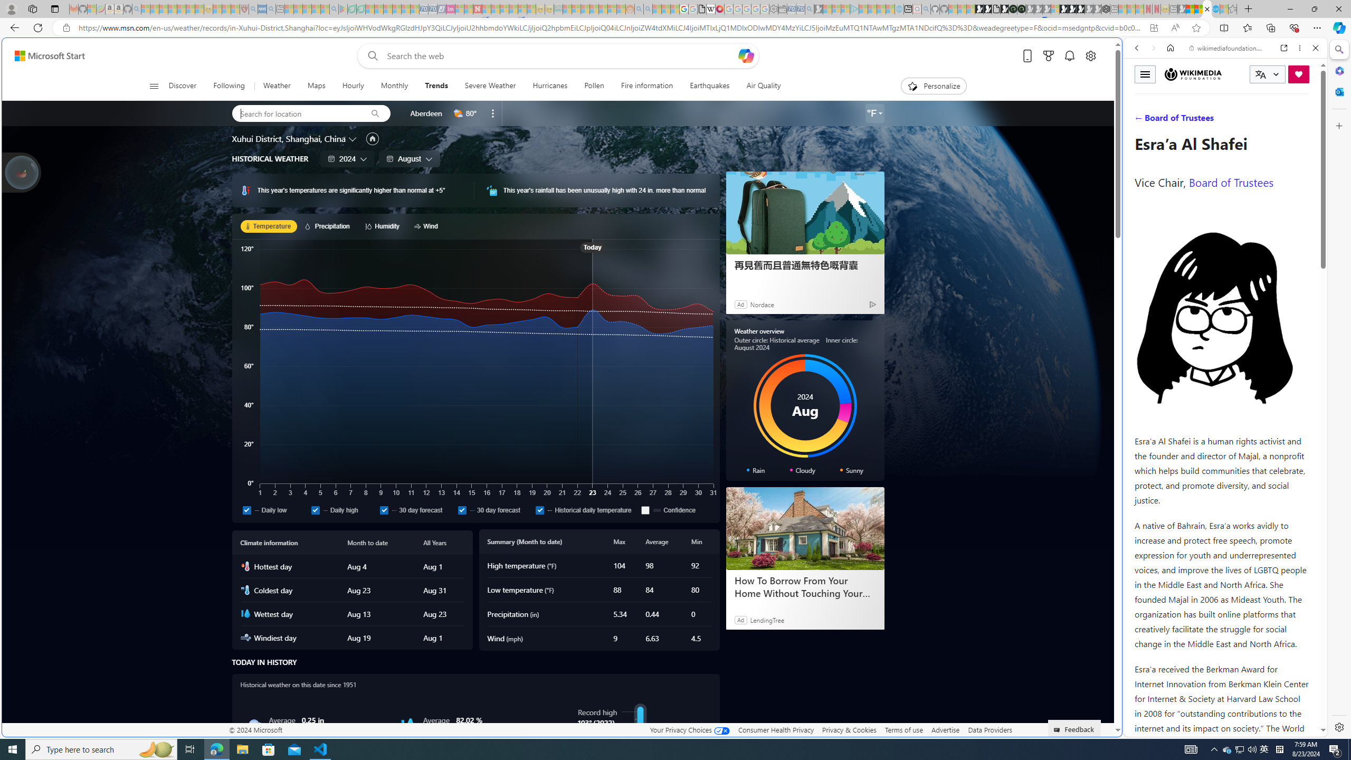 This screenshot has height=760, width=1351. Describe the element at coordinates (645, 85) in the screenshot. I see `'Fire information'` at that location.